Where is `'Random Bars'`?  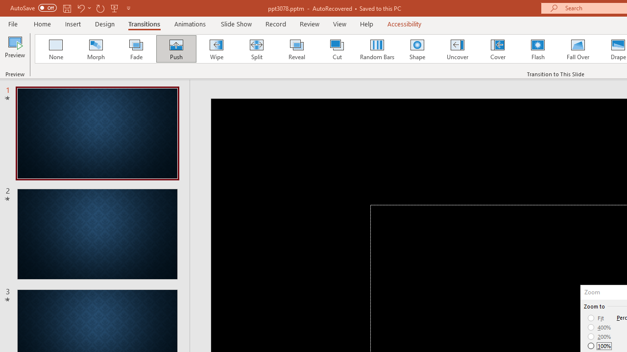 'Random Bars' is located at coordinates (377, 49).